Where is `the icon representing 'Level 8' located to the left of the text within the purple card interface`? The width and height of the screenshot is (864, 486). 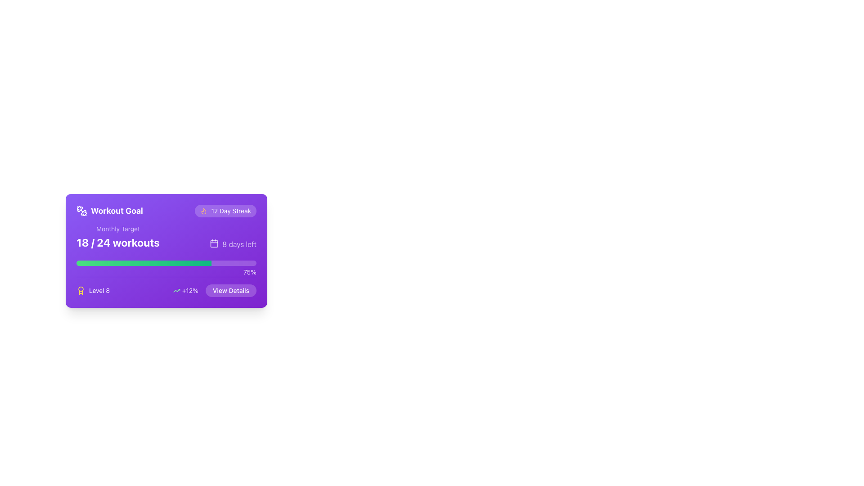 the icon representing 'Level 8' located to the left of the text within the purple card interface is located at coordinates (81, 290).